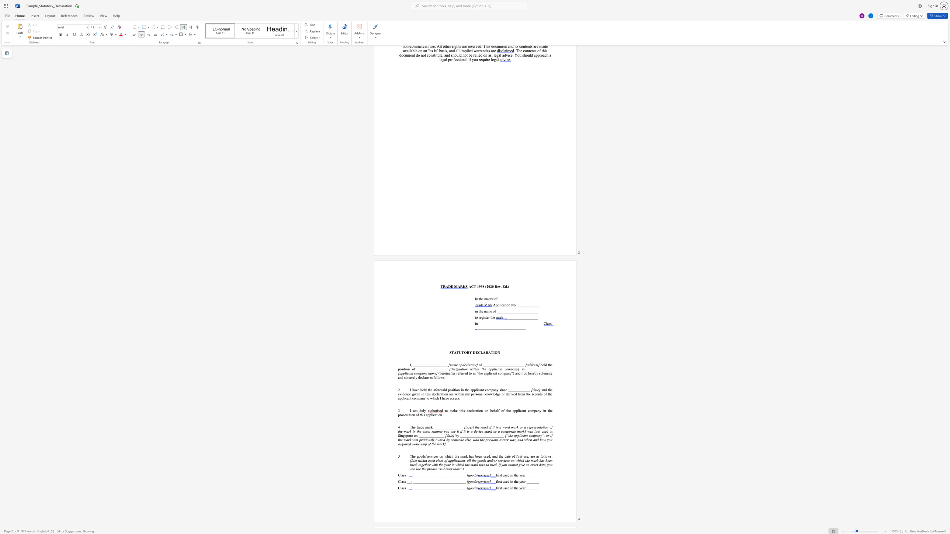 This screenshot has width=950, height=534. What do you see at coordinates (479, 311) in the screenshot?
I see `the subset text "he name of ____" within the text "in the name of _______________________"` at bounding box center [479, 311].